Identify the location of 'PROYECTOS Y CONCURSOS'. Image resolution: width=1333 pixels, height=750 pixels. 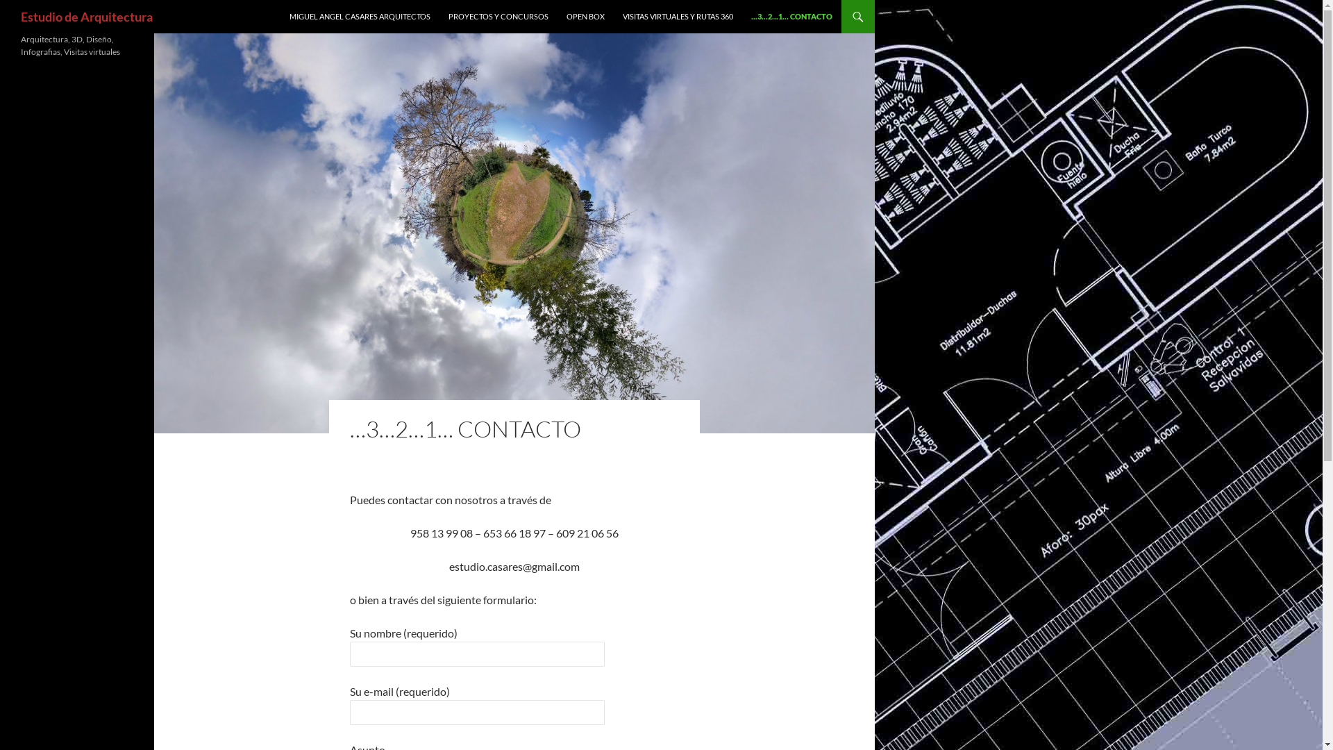
(439, 16).